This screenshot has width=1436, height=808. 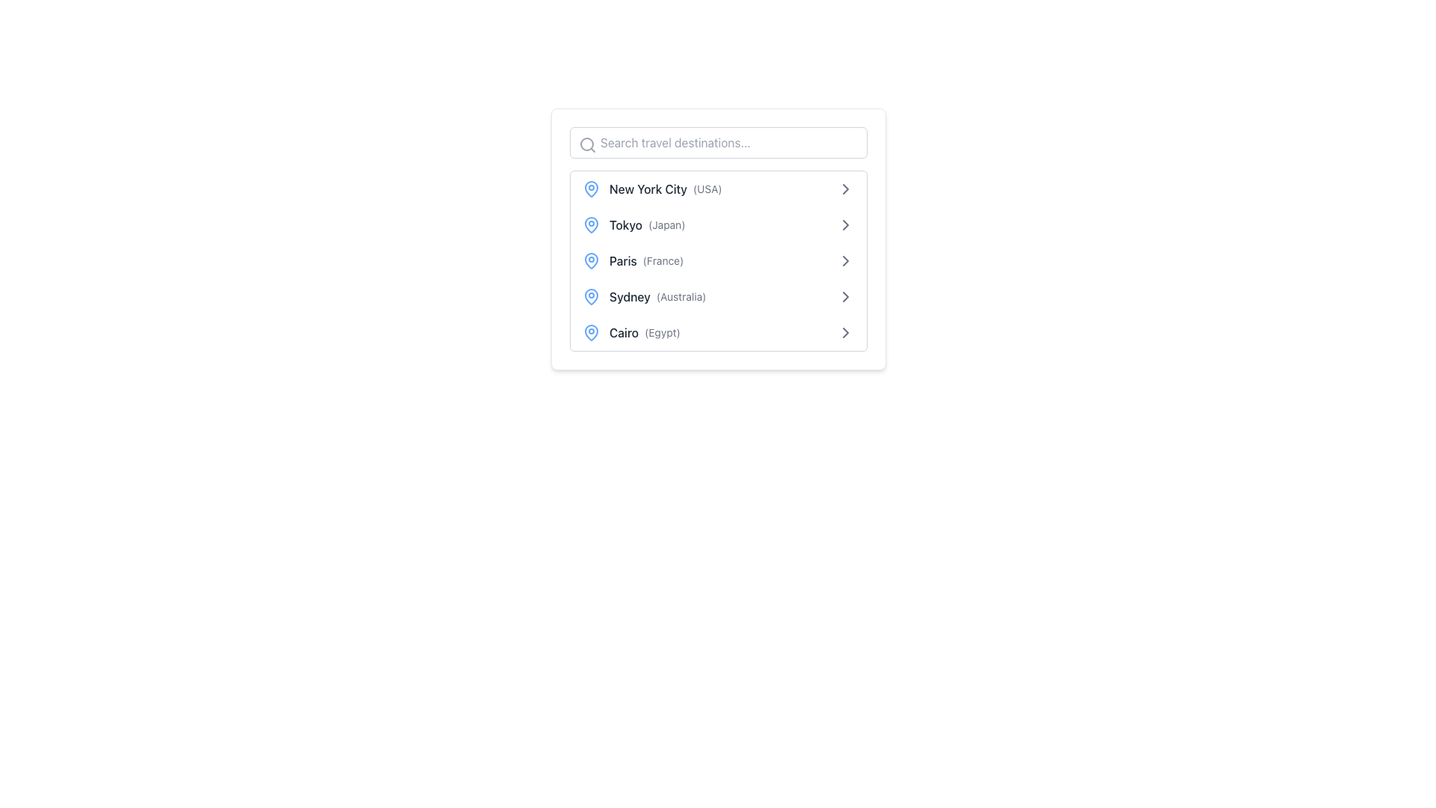 I want to click on the decorative icon resembling a pin or map marker that indicates the location of New York City, which is the leftmost icon in the first list item of locations, so click(x=591, y=187).